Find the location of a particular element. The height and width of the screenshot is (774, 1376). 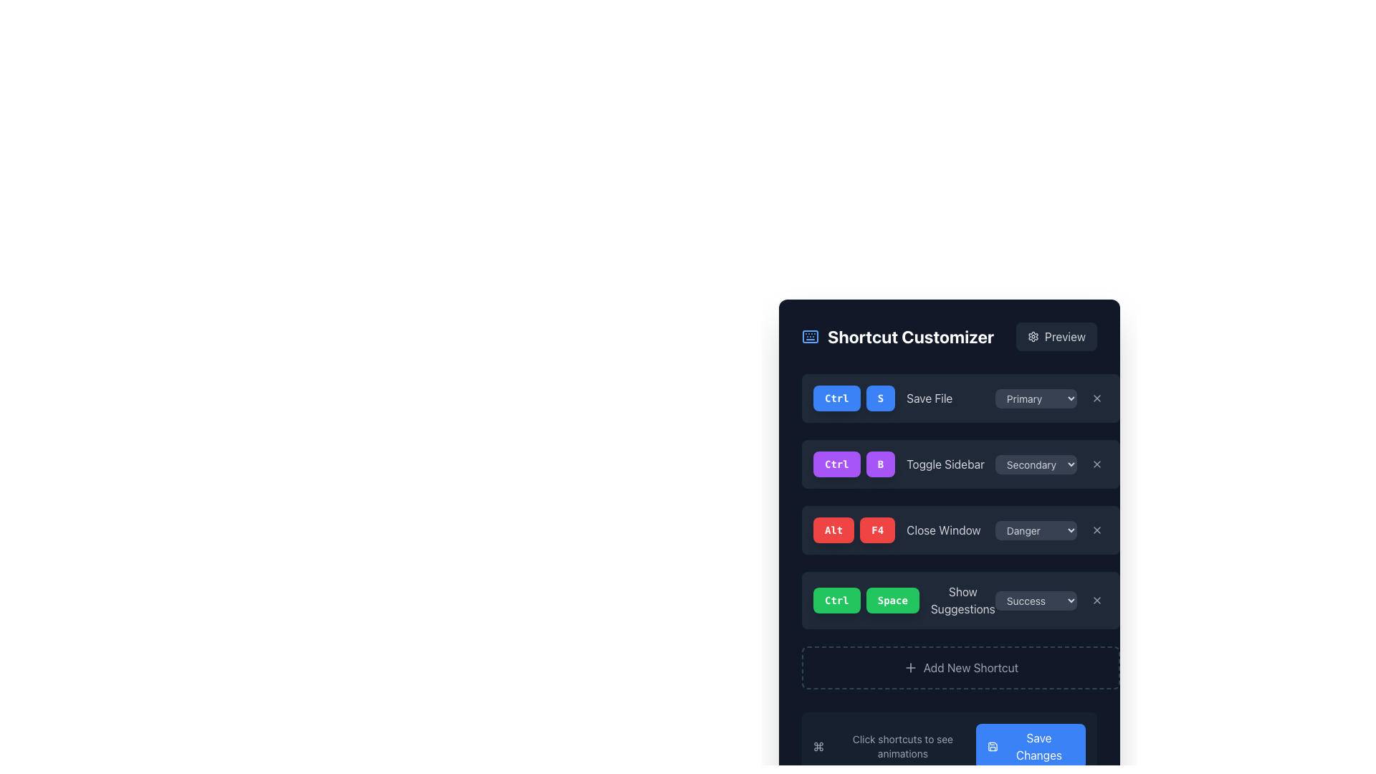

text label displaying 'Click shortcuts to see animations' located near the bottom of the section, positioned to the left of the blue 'Save Changes' button is located at coordinates (894, 745).